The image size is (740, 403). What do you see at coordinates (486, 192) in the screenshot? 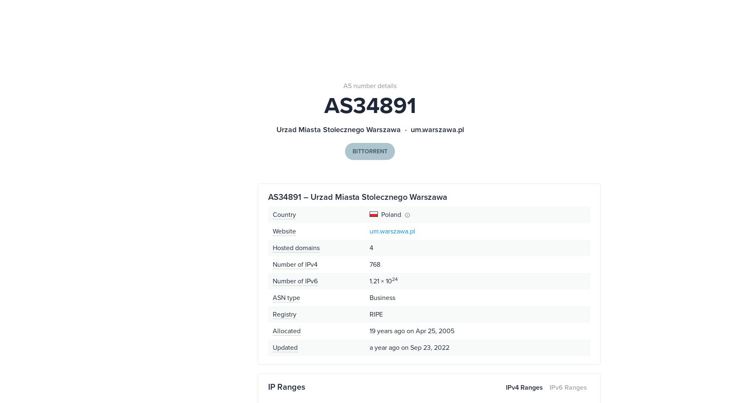
I see `'The ASN details will often correspond to the IP address owner, but
                for smaller organizations it may be that organization's parent, or their ISP. Find
                out more about AS34891 at'` at bounding box center [486, 192].